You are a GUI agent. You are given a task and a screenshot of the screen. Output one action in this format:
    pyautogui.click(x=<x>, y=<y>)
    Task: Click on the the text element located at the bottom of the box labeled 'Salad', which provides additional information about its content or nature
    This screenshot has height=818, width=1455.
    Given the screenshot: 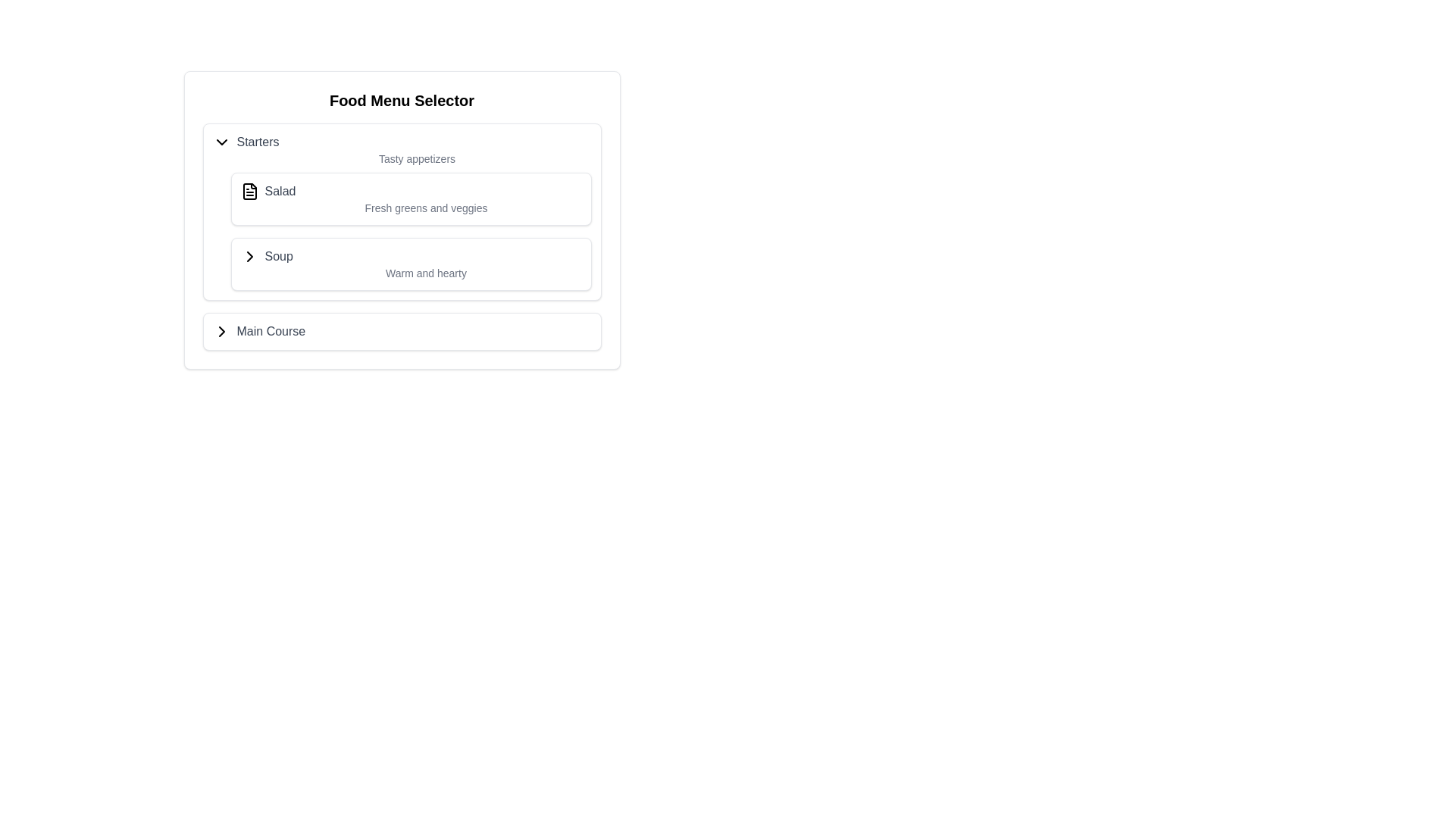 What is the action you would take?
    pyautogui.click(x=411, y=208)
    